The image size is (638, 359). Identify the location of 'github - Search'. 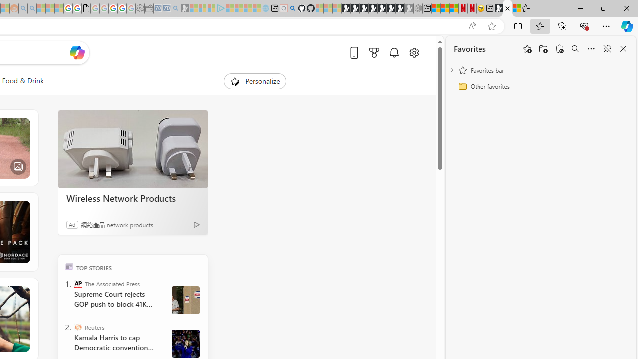
(292, 8).